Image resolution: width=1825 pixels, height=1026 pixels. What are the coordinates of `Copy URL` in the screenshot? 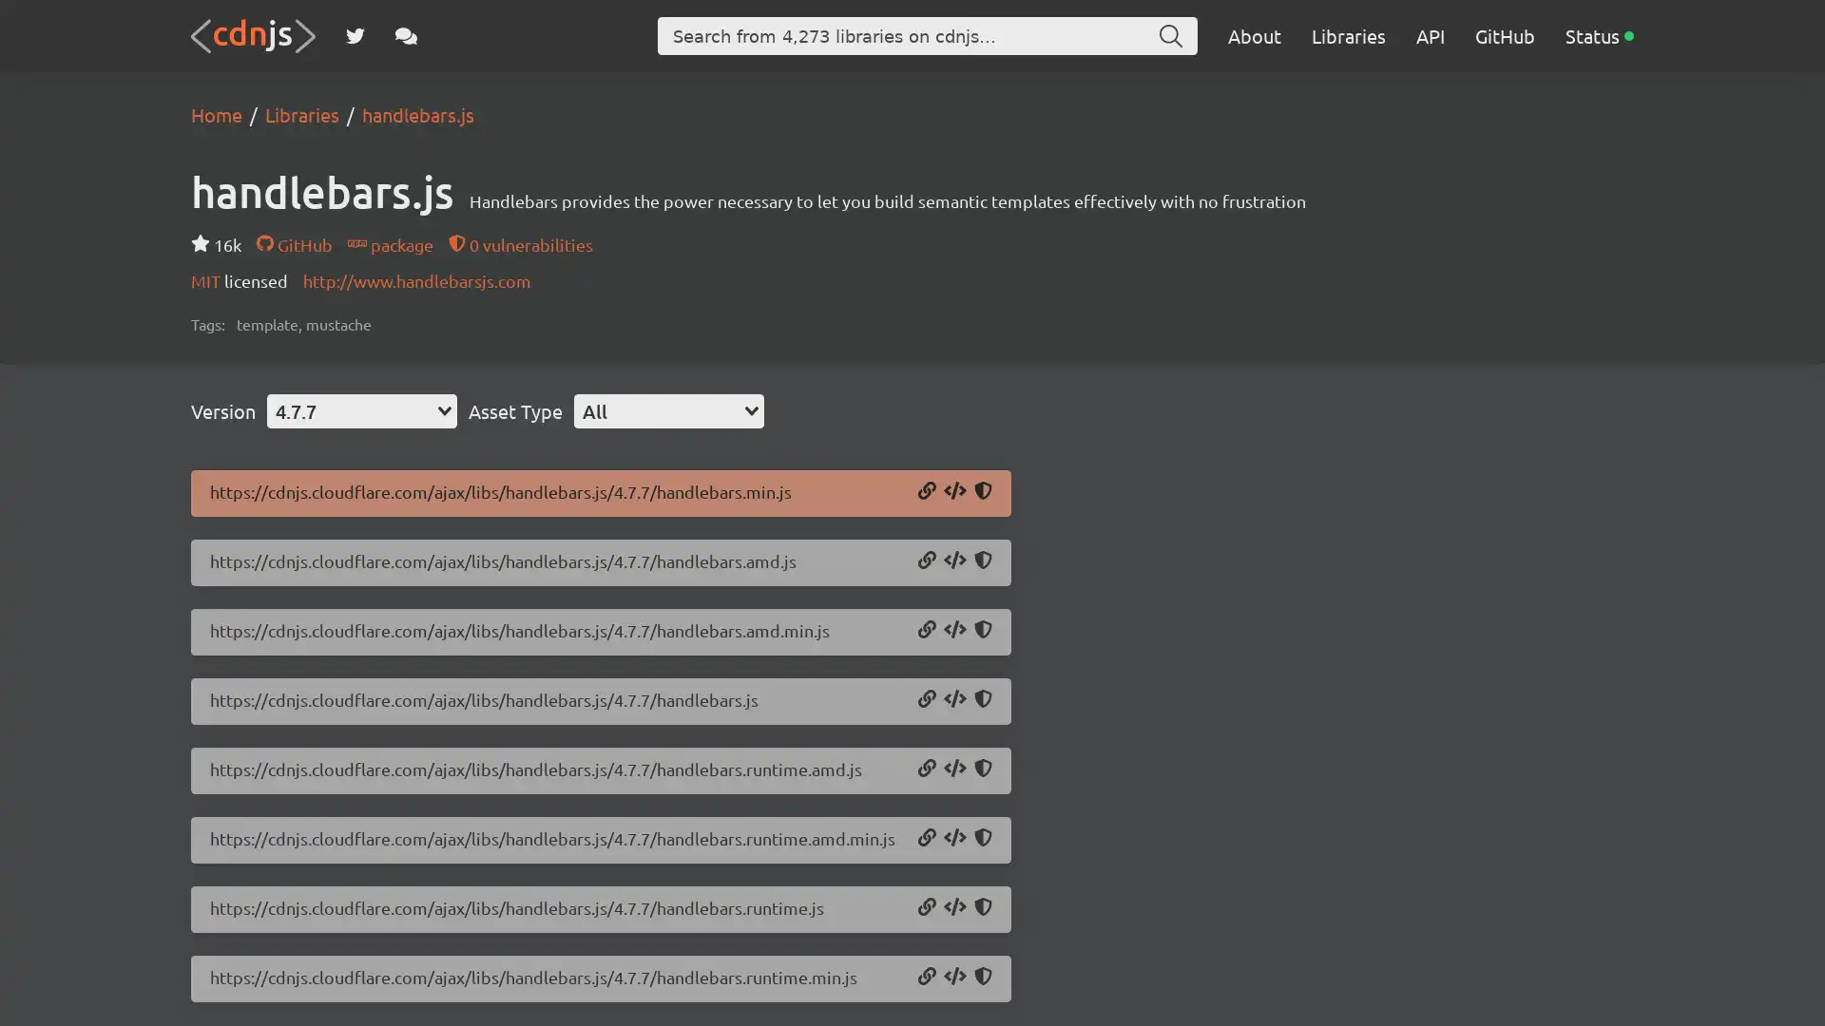 It's located at (927, 907).